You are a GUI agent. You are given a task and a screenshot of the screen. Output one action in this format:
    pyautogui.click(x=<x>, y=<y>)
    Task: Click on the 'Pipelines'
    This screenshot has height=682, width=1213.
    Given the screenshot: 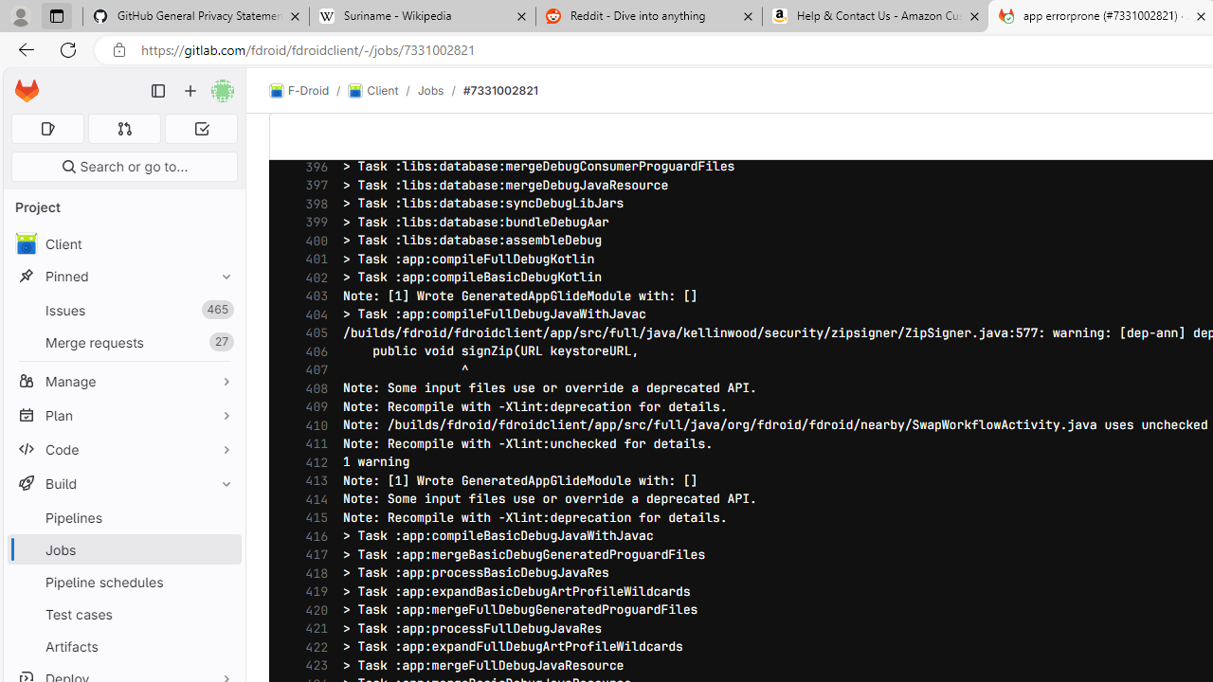 What is the action you would take?
    pyautogui.click(x=123, y=517)
    